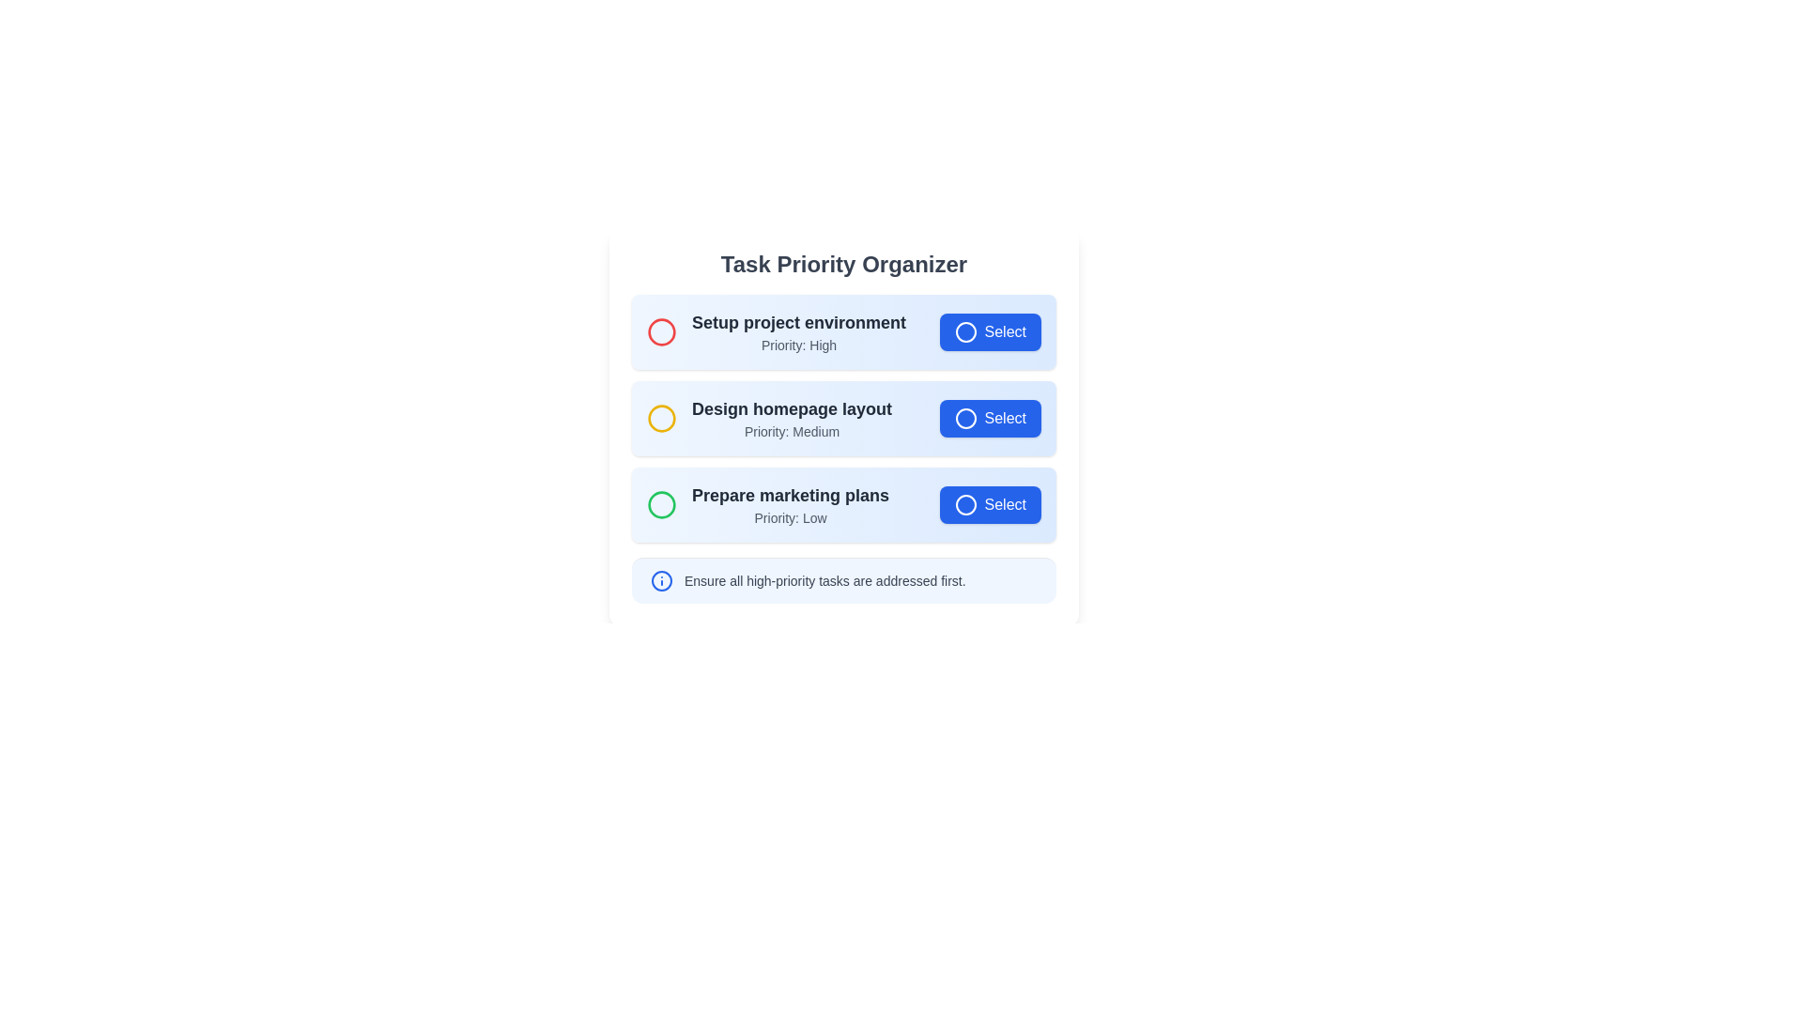  Describe the element at coordinates (1004, 418) in the screenshot. I see `the button labeled 'Design homepage layout' that visually informs users about selecting this task for further operations` at that location.